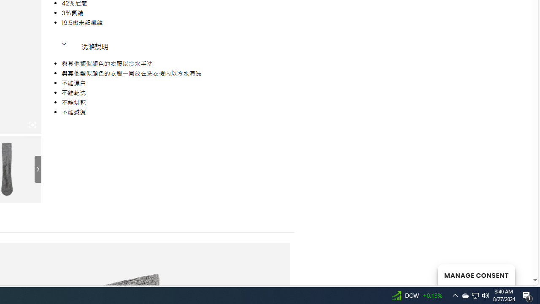  I want to click on 'Class: iconic-woothumbs-fullscreen', so click(32, 125).